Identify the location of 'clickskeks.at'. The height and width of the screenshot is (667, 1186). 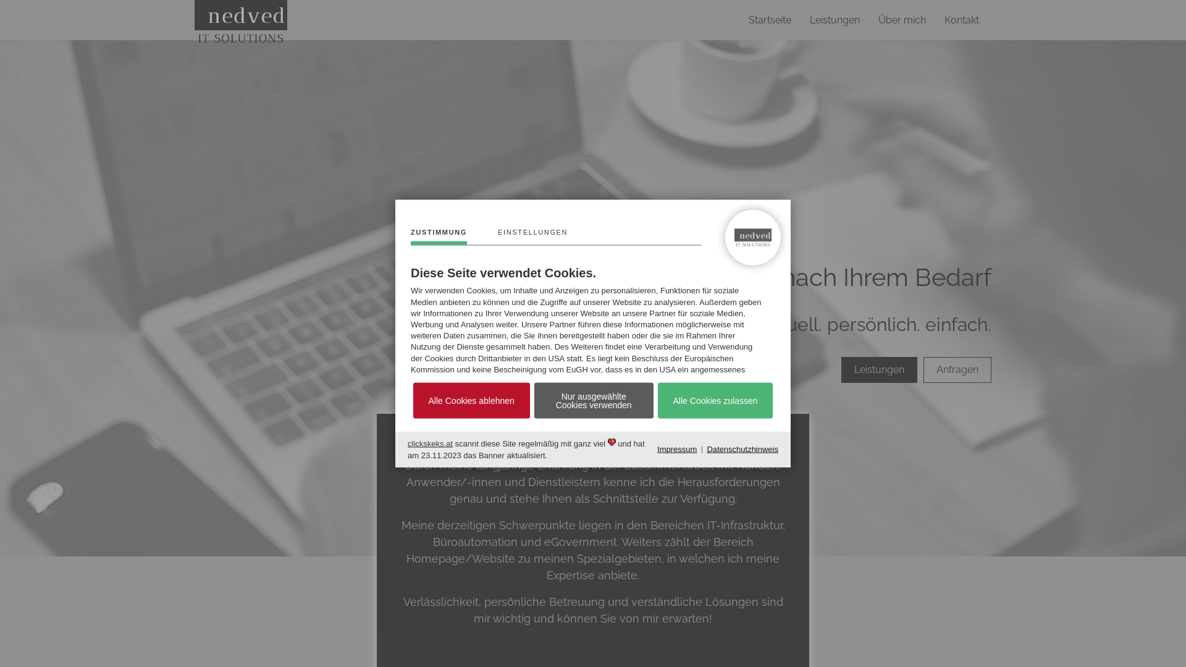
(430, 443).